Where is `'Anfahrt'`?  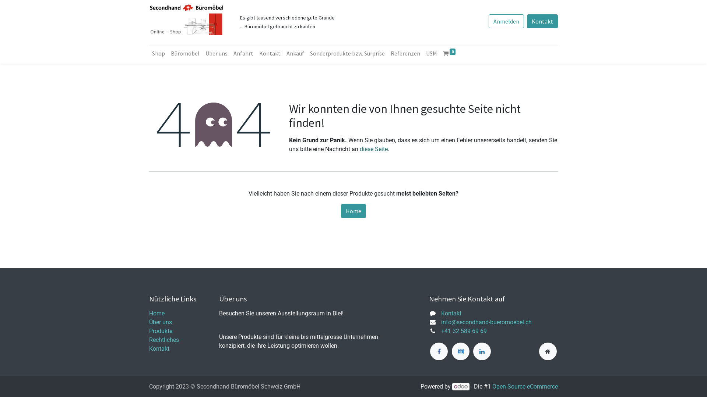
'Anfahrt' is located at coordinates (243, 53).